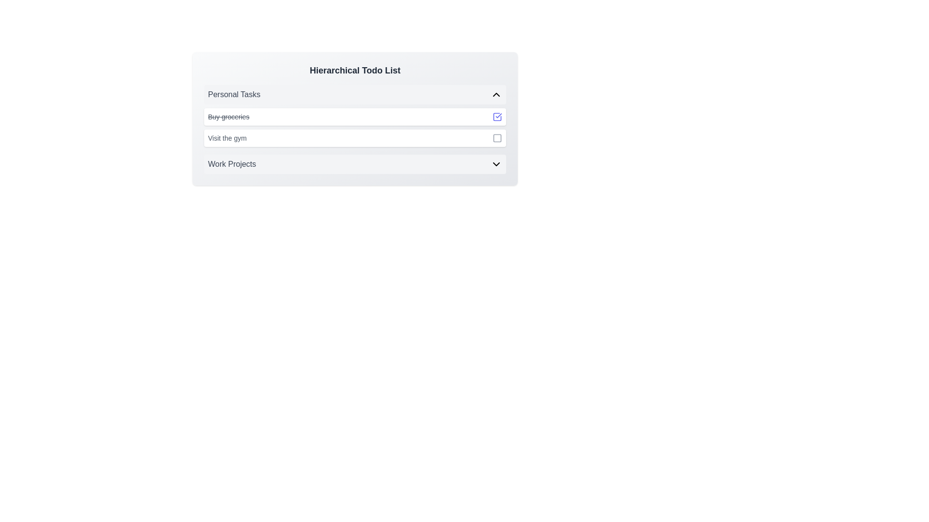 Image resolution: width=929 pixels, height=522 pixels. Describe the element at coordinates (497, 138) in the screenshot. I see `the Interactive icon located to the right of 'Visit the gym' in the second task's row to trigger the tooltip or interaction effect` at that location.